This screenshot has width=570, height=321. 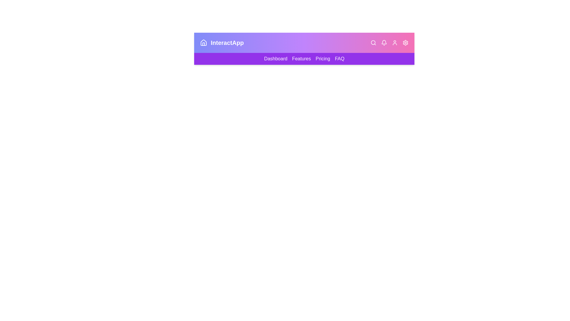 What do you see at coordinates (204, 42) in the screenshot?
I see `the home icon in the app bar` at bounding box center [204, 42].